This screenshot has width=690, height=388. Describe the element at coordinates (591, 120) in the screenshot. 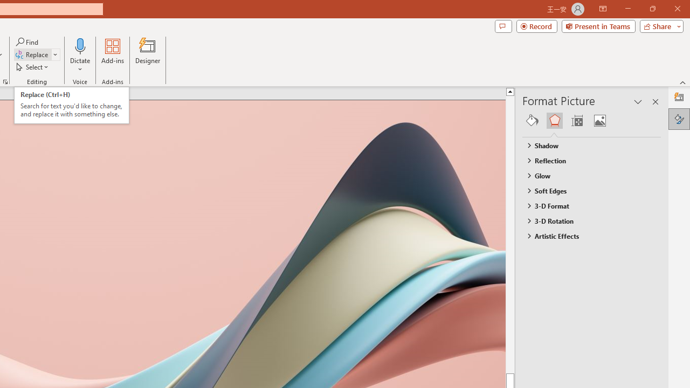

I see `'Class: NetUIGalleryContainer'` at that location.